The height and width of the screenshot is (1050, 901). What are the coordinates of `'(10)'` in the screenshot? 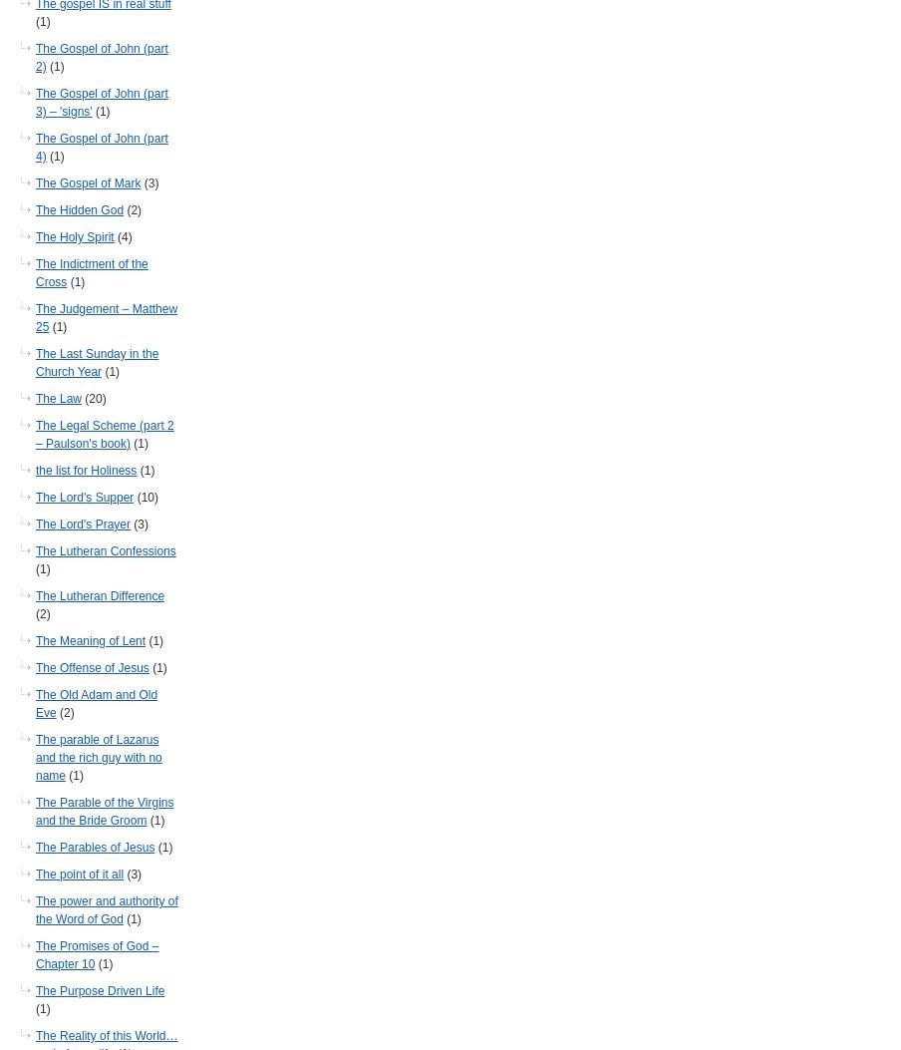 It's located at (145, 498).